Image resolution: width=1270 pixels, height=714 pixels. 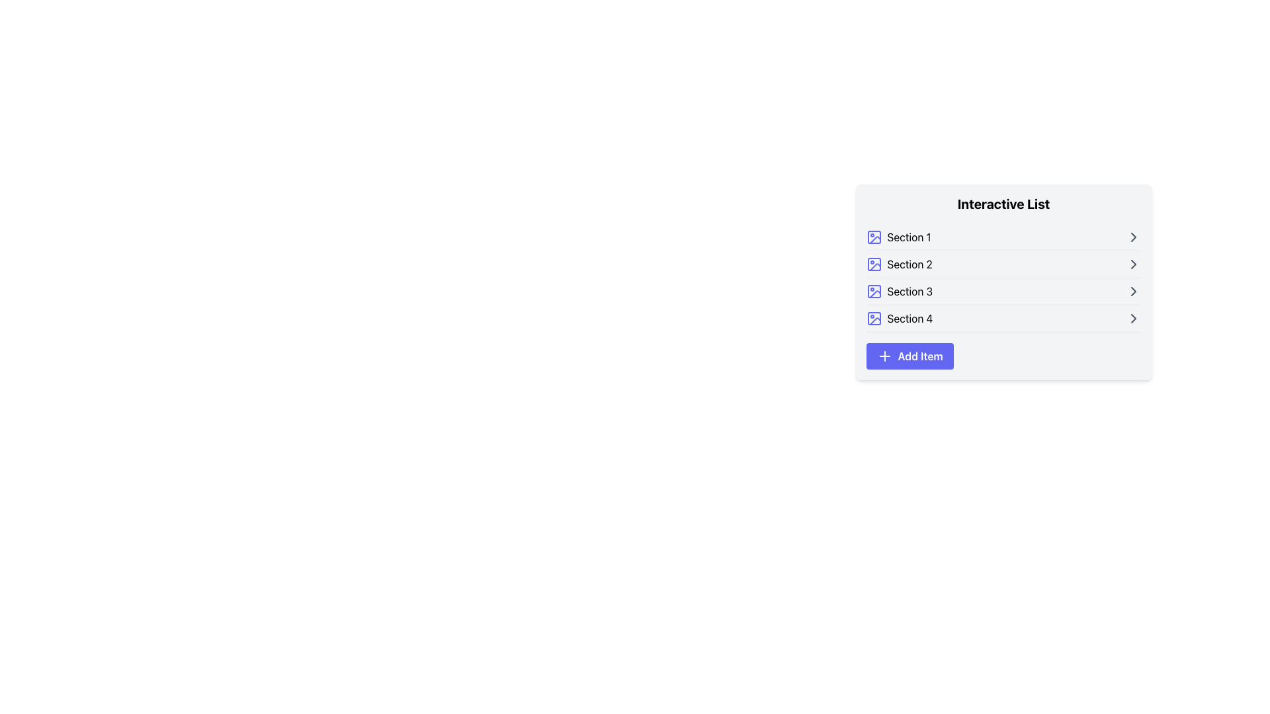 What do you see at coordinates (898, 236) in the screenshot?
I see `the first item in the 'Interactive List' which is labeled 'Section 1' and includes an associated graphical icon` at bounding box center [898, 236].